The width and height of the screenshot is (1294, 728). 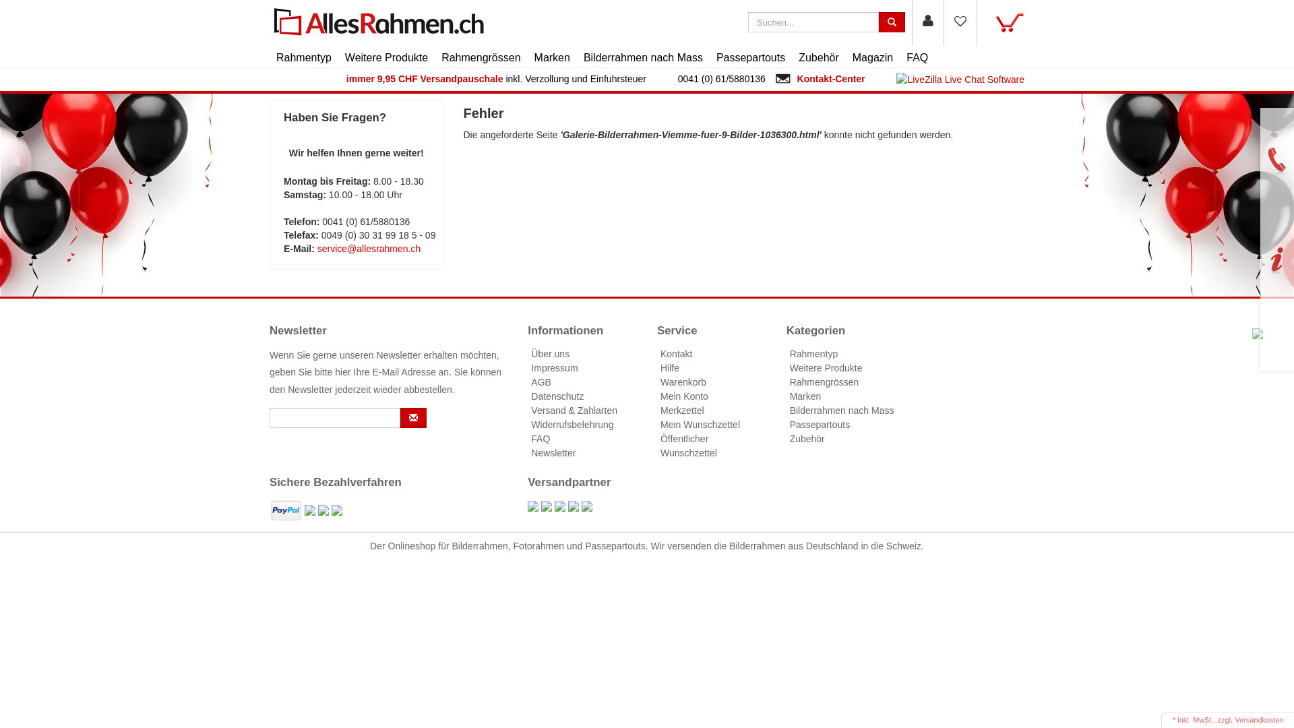 I want to click on 'Bilderrahmen nach Mass', so click(x=642, y=57).